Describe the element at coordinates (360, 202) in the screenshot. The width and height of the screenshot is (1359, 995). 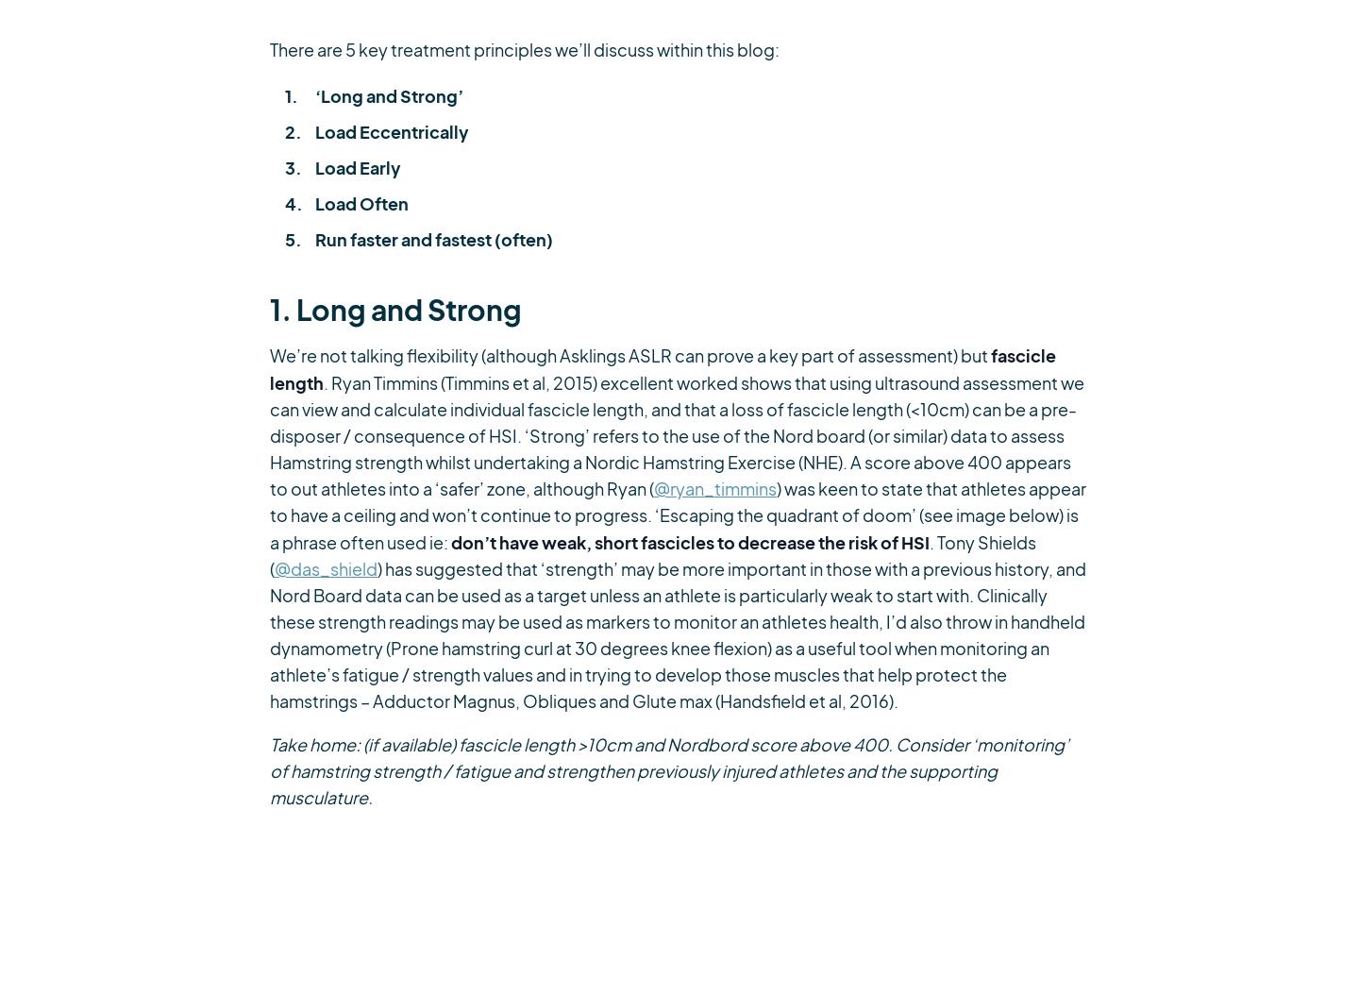
I see `'Load Often'` at that location.